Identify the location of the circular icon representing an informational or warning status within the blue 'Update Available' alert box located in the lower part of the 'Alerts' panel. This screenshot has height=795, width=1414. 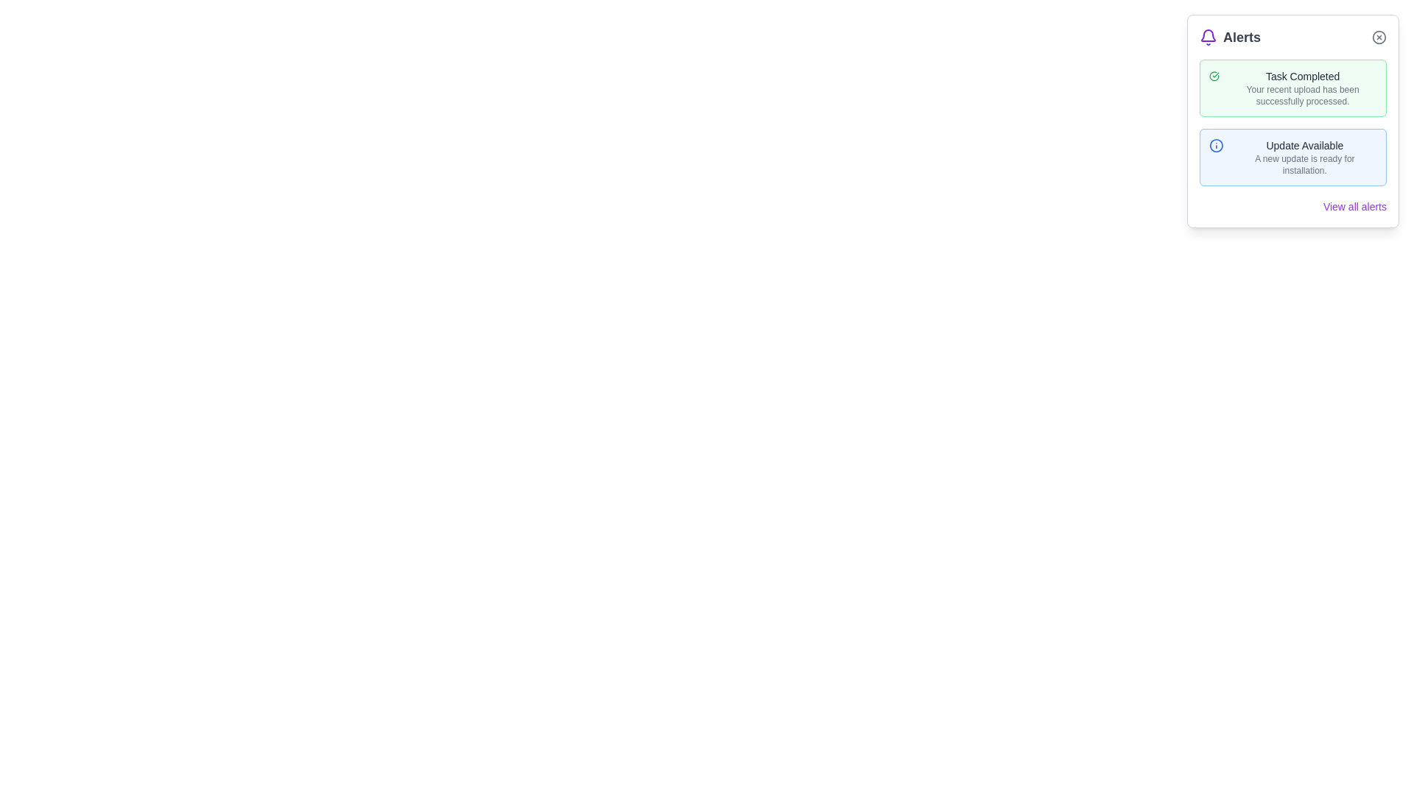
(1216, 145).